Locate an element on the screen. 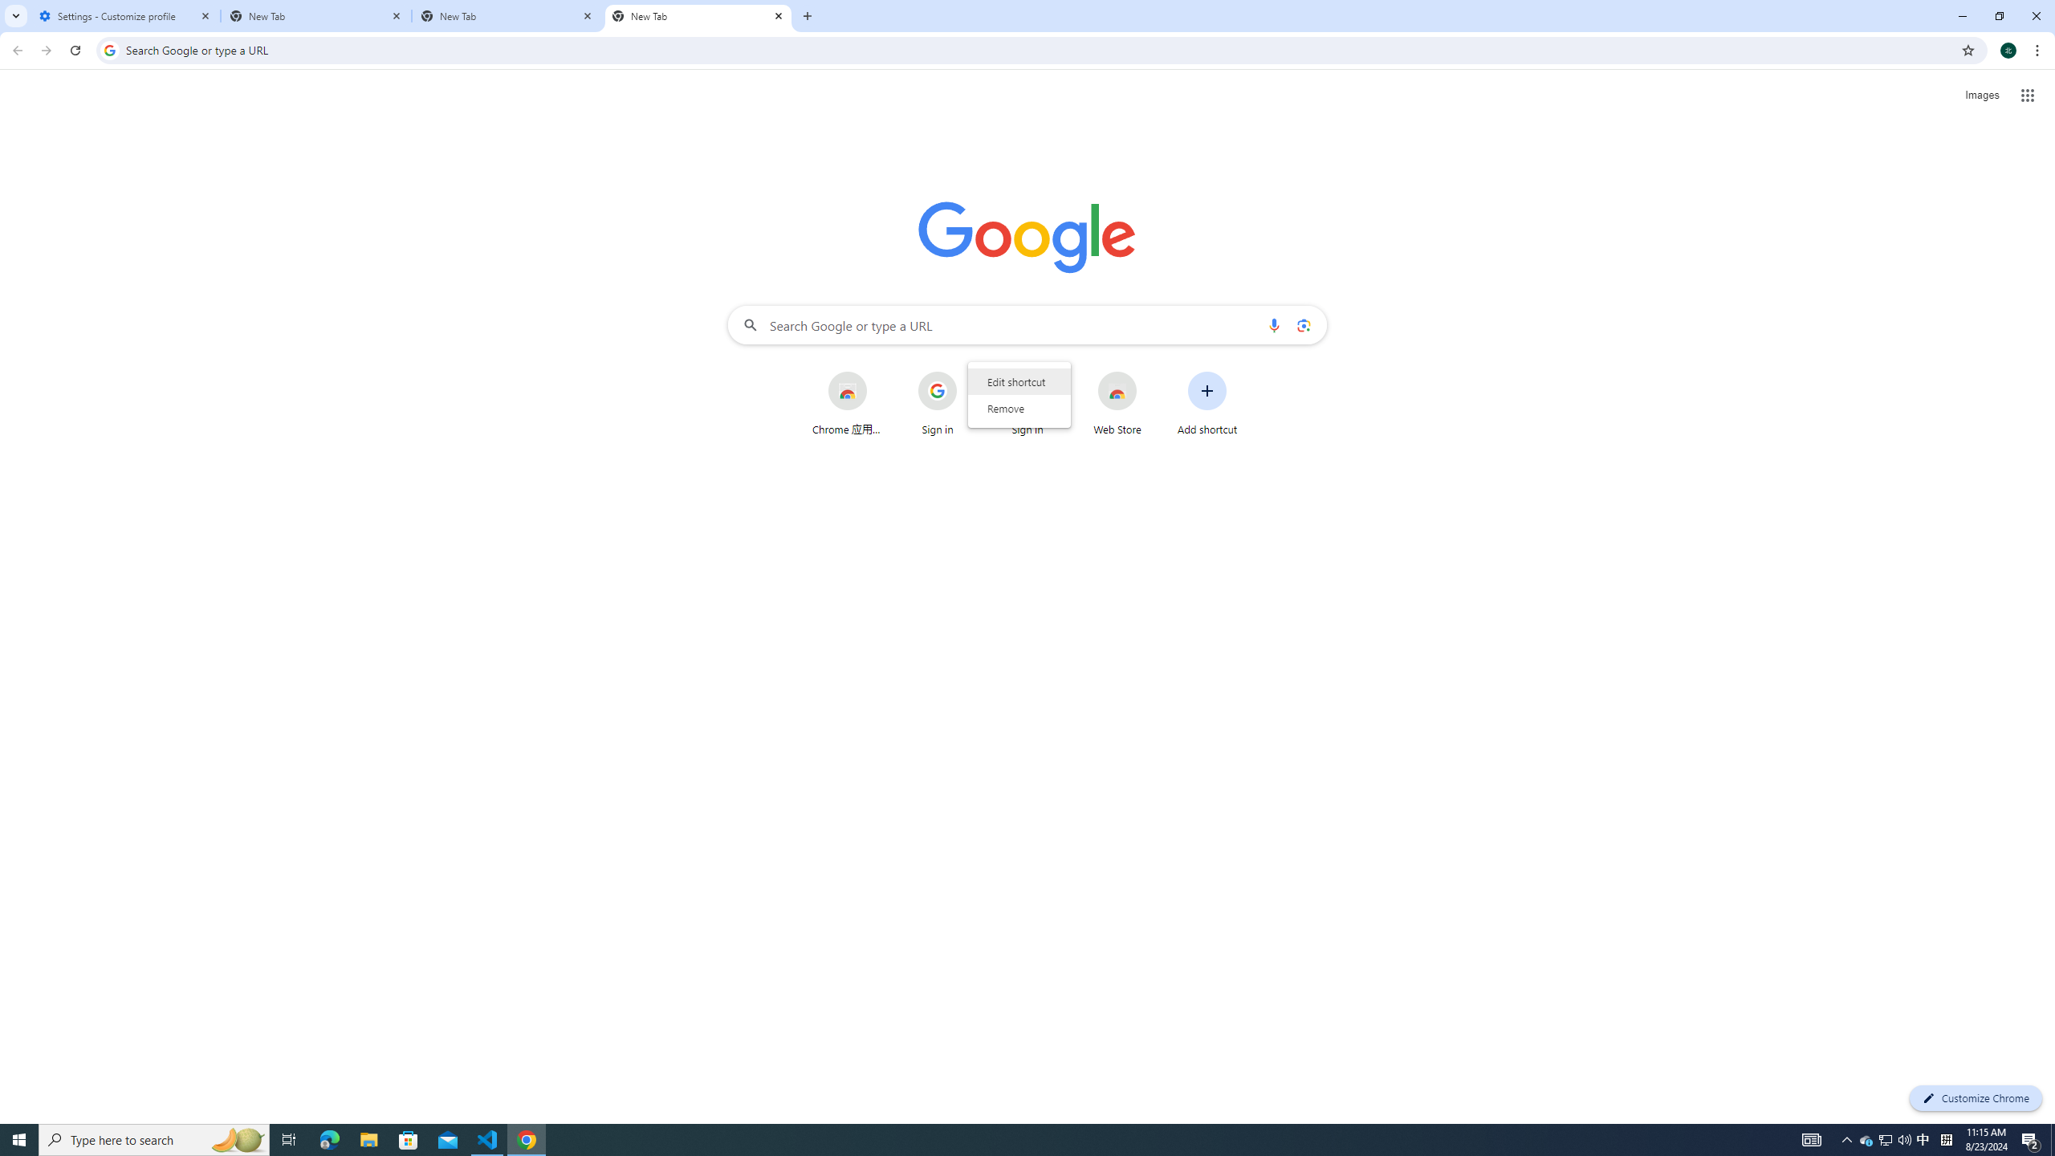 This screenshot has width=2055, height=1156. 'Edit shortcut' is located at coordinates (1018, 381).